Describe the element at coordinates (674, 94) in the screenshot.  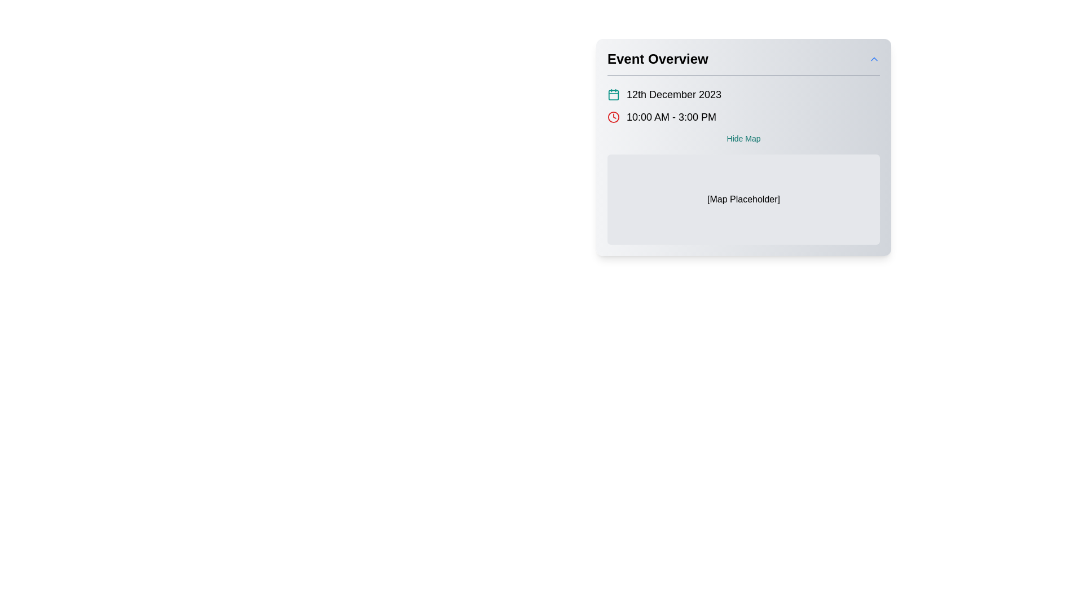
I see `the text label displaying '12th December 2023', located in the top section of the event detail card, immediately to the right of the calendar icon` at that location.